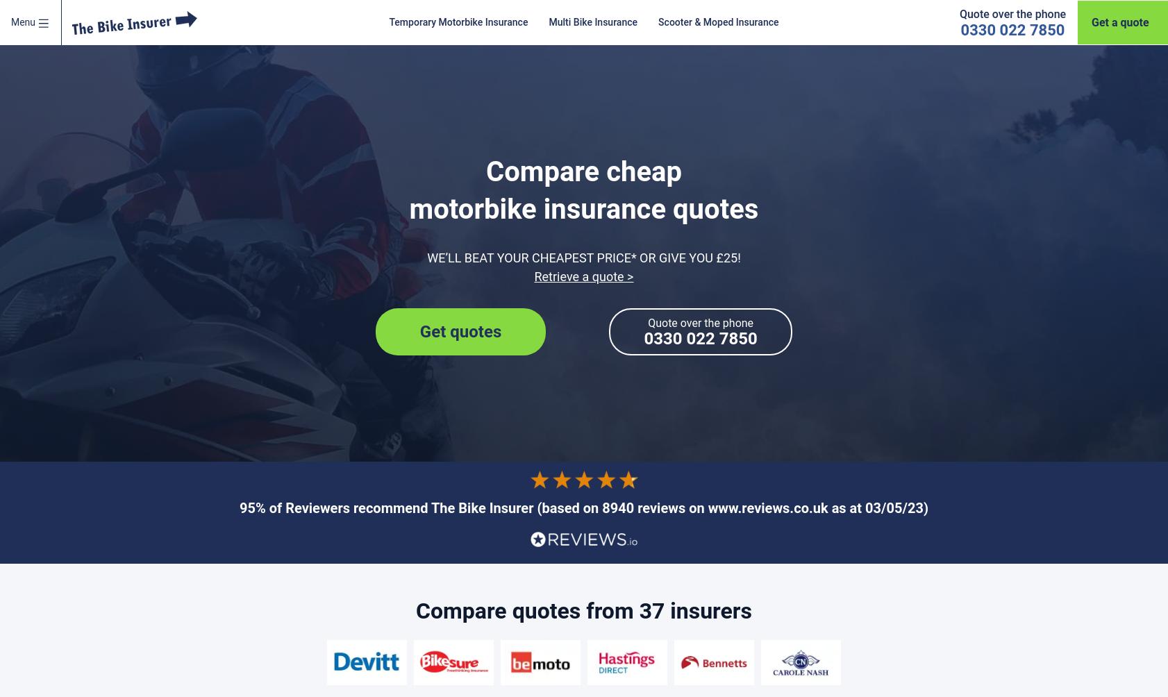  What do you see at coordinates (717, 22) in the screenshot?
I see `'Scooter & Moped Insurance'` at bounding box center [717, 22].